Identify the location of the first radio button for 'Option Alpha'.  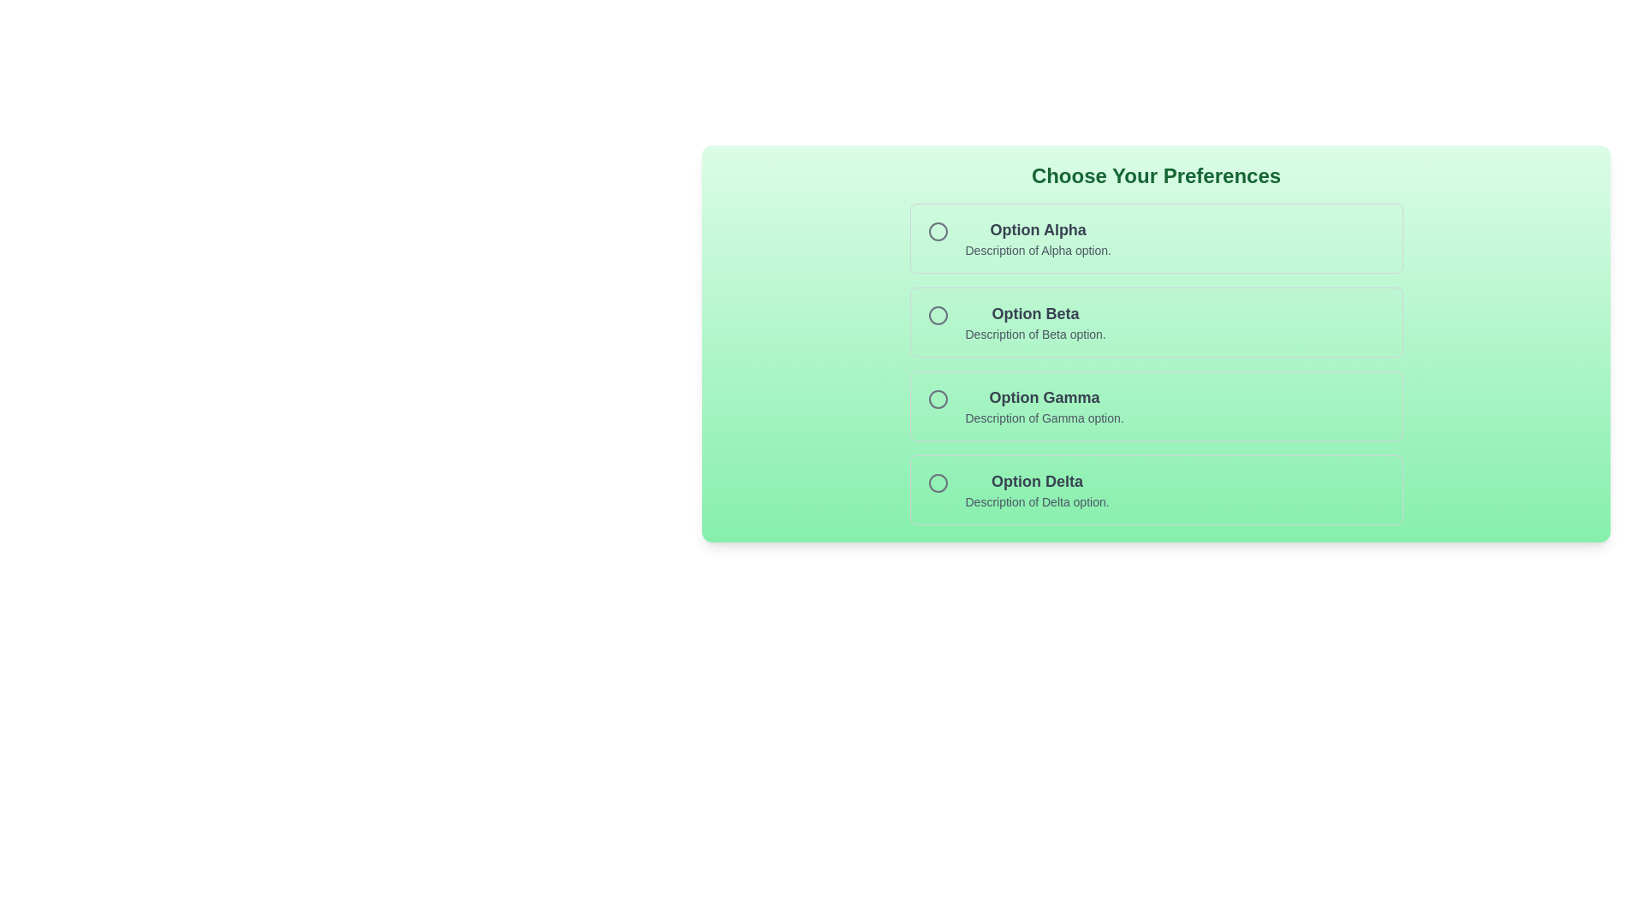
(937, 231).